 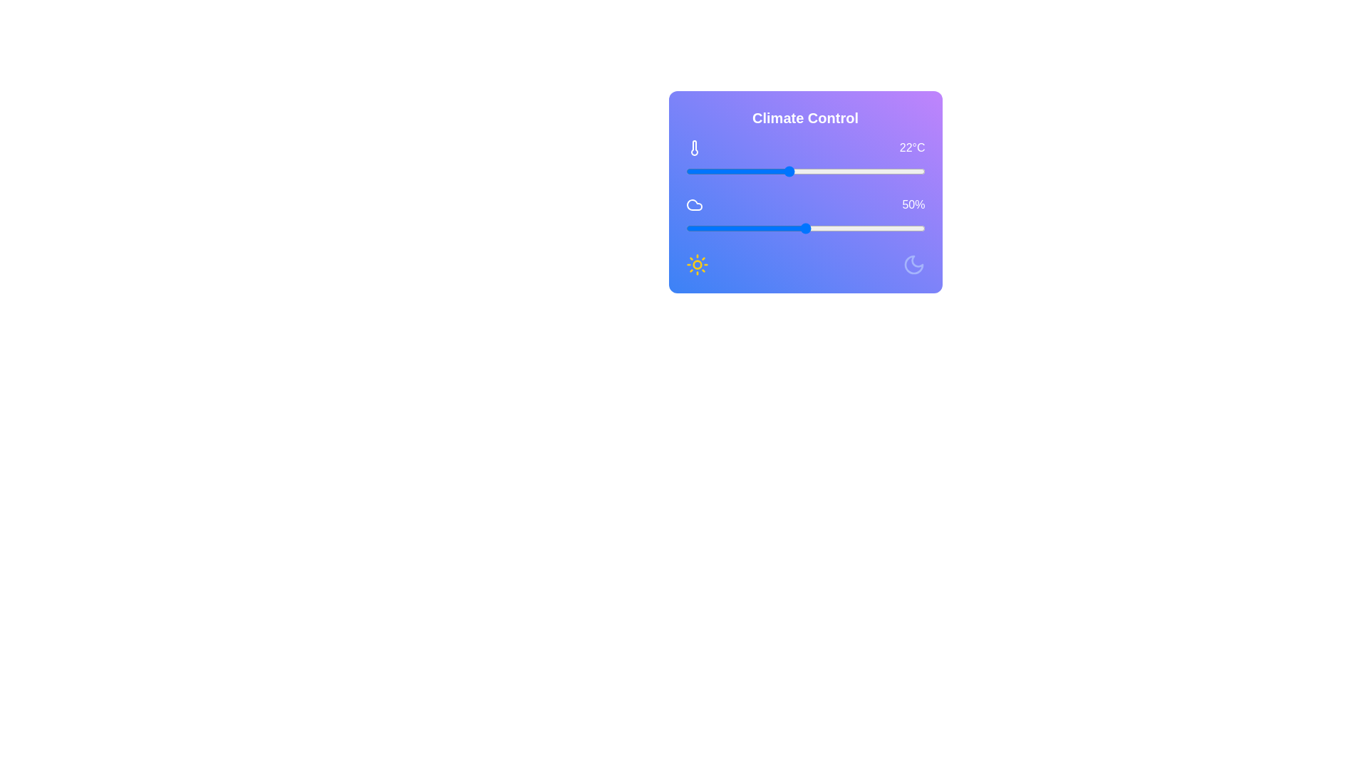 I want to click on the cloud icon located to the left of the '50%' text, indicating humidity functionality, so click(x=694, y=205).